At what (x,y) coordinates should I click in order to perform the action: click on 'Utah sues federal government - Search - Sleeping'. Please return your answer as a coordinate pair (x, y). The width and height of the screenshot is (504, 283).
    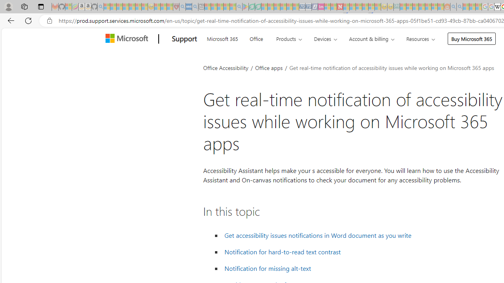
    Looking at the image, I should click on (460, 7).